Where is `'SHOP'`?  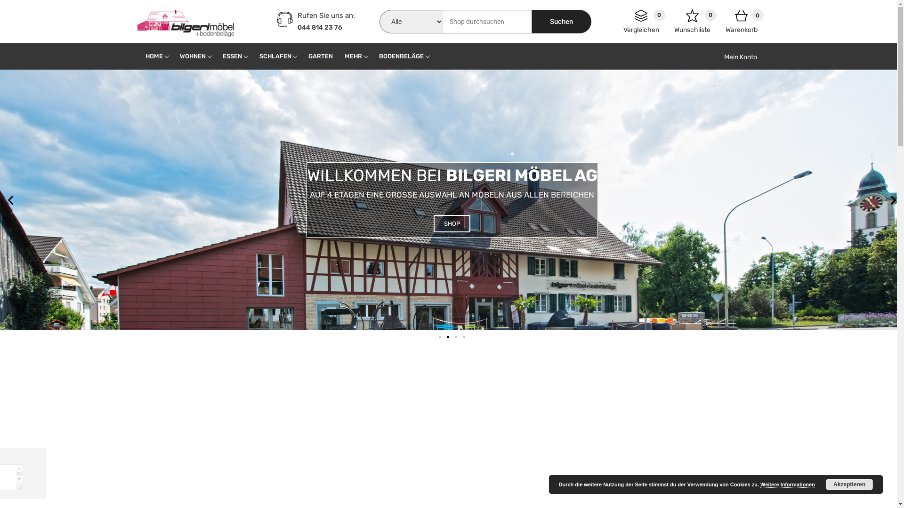 'SHOP' is located at coordinates (433, 223).